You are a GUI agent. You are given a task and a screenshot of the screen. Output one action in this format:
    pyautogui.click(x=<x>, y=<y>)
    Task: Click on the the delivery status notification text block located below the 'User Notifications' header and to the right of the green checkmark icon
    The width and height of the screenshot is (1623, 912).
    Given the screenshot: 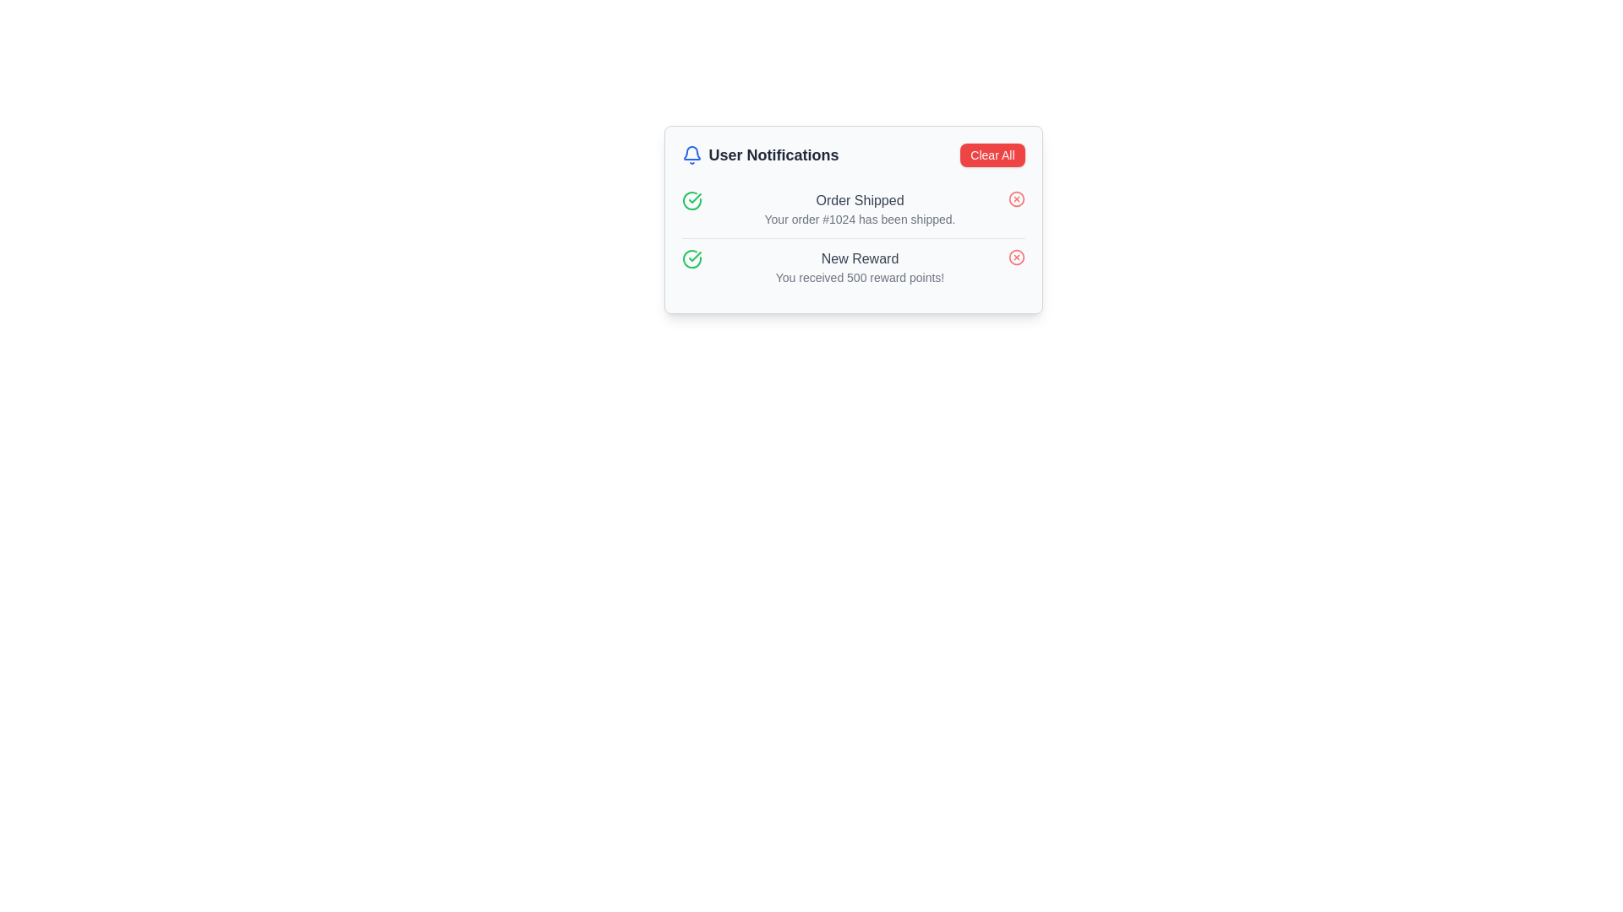 What is the action you would take?
    pyautogui.click(x=860, y=208)
    